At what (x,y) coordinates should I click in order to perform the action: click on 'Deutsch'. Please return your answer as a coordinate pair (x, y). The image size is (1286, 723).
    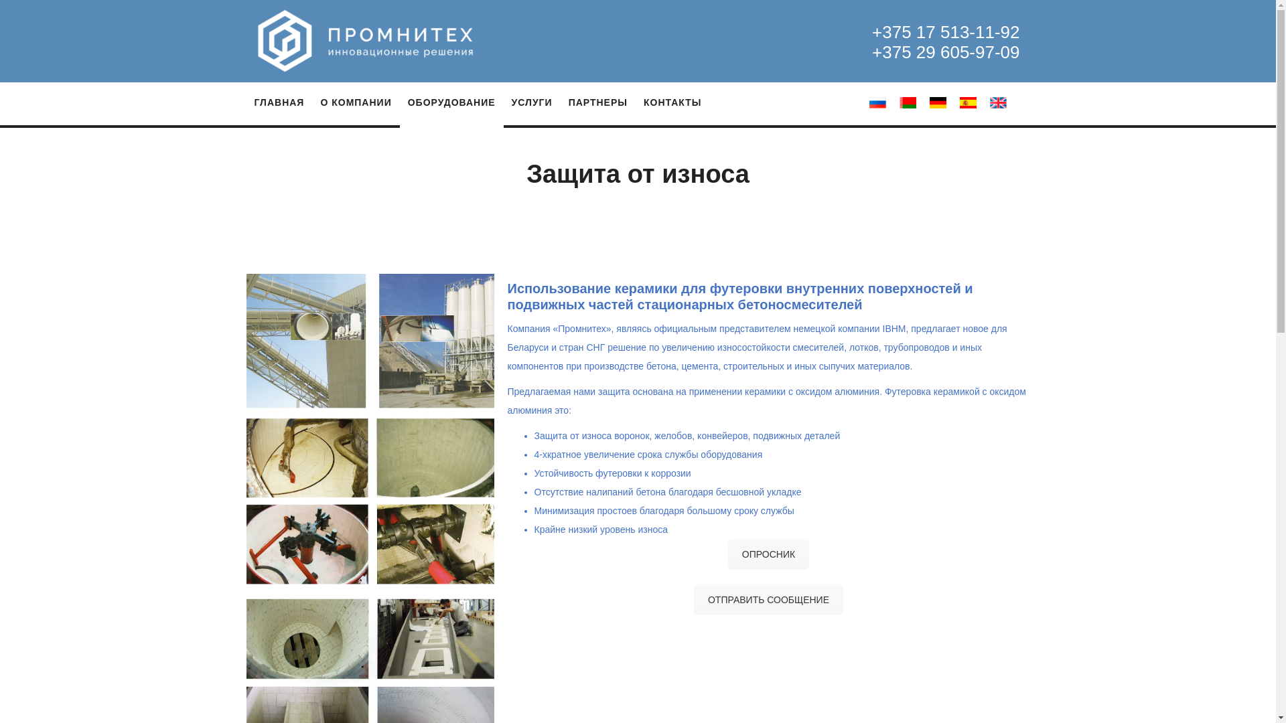
    Looking at the image, I should click on (928, 102).